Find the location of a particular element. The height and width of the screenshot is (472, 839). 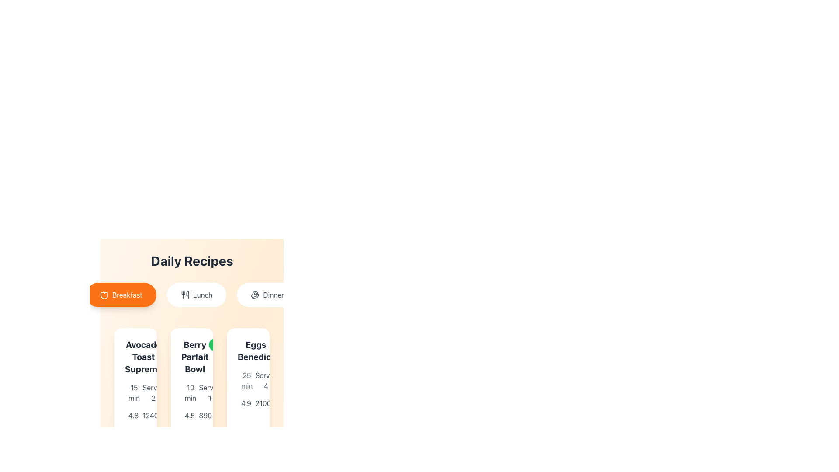

the static text label that describes the serving capacity of the 'Berry Parfait Bowl', which is located below the recipe section in the second column is located at coordinates (210, 392).